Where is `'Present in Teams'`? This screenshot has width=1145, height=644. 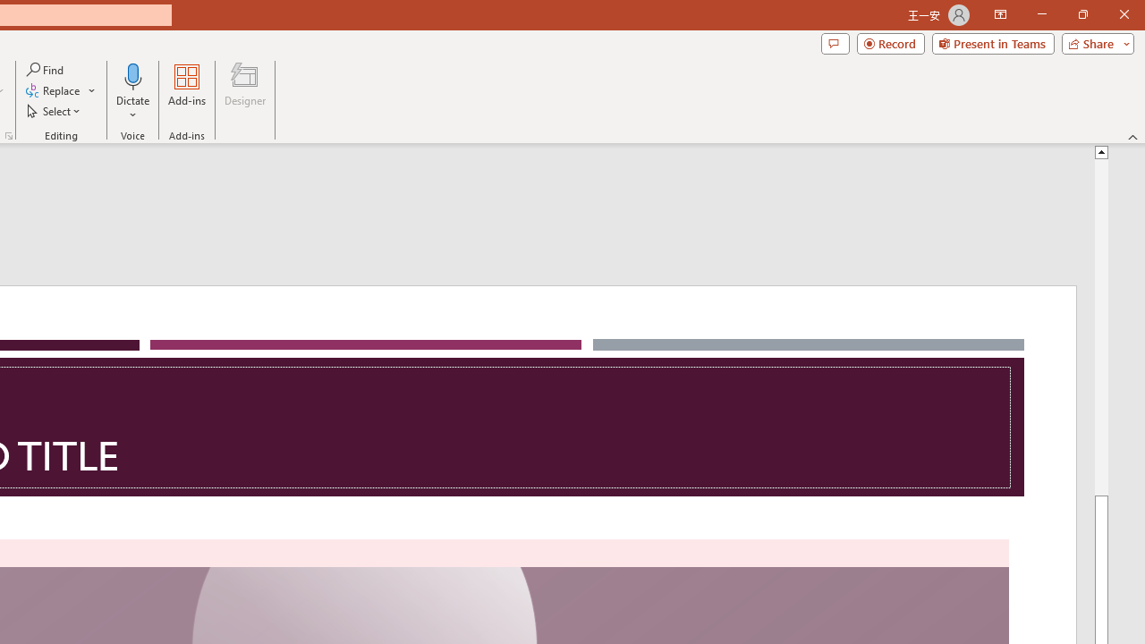
'Present in Teams' is located at coordinates (992, 42).